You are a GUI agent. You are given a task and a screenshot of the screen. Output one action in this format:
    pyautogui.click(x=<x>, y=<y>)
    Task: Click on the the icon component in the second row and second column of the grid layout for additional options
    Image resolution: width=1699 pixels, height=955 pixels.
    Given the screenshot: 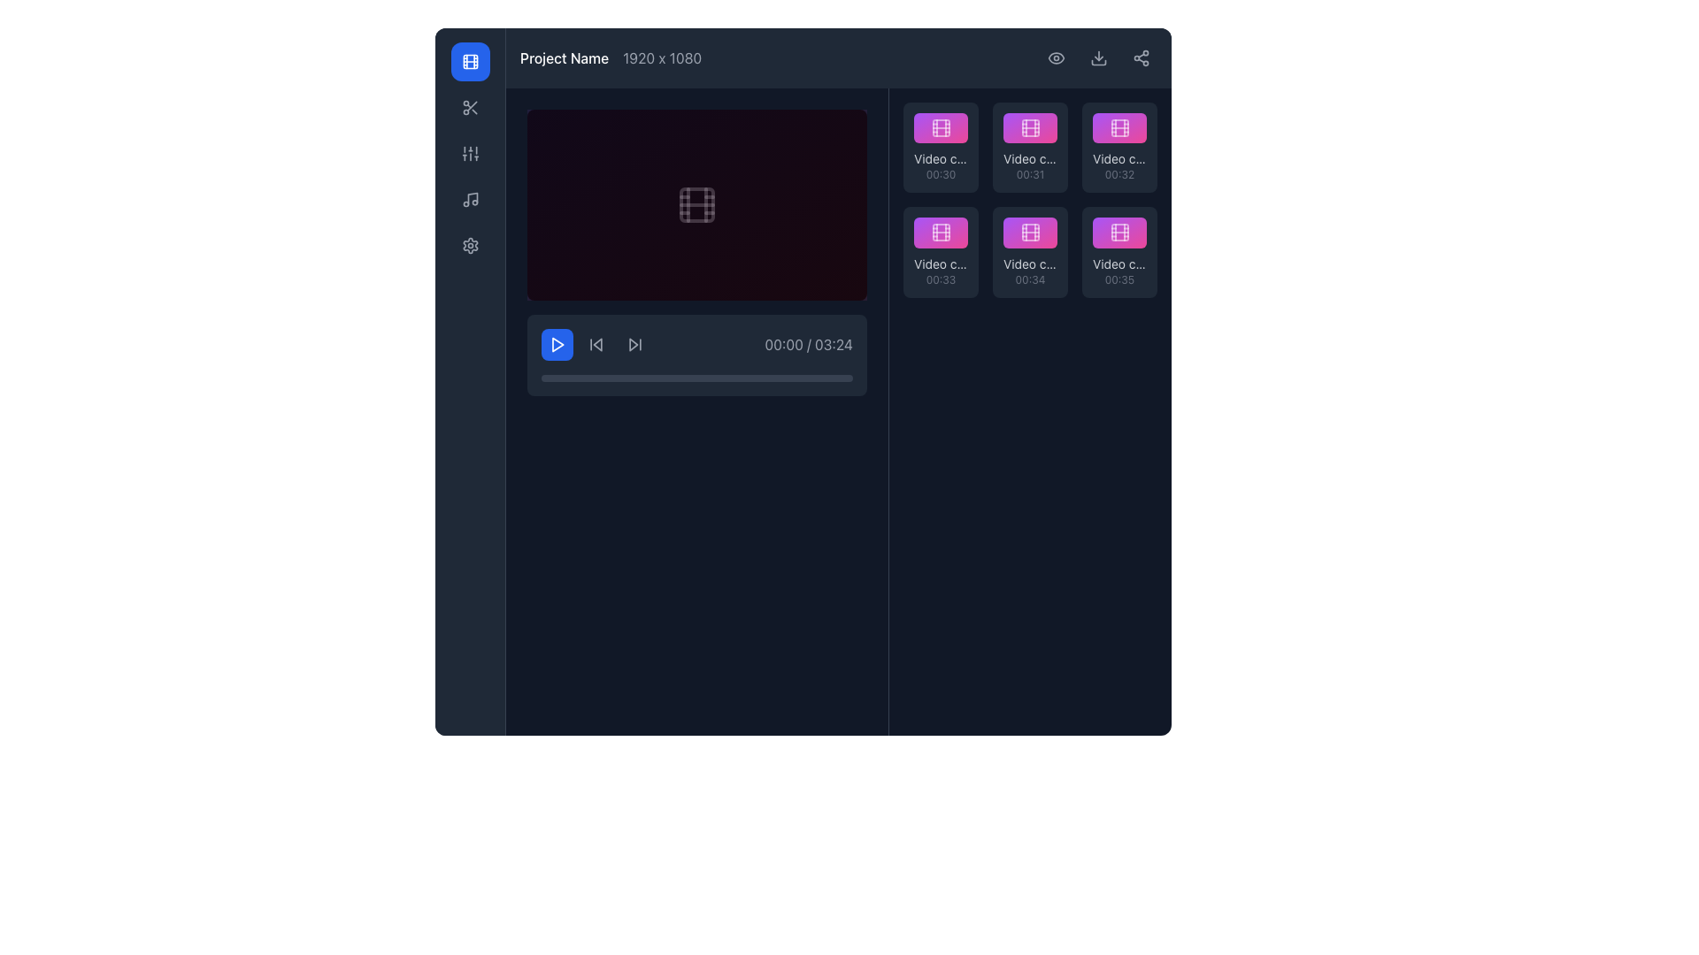 What is the action you would take?
    pyautogui.click(x=1030, y=127)
    